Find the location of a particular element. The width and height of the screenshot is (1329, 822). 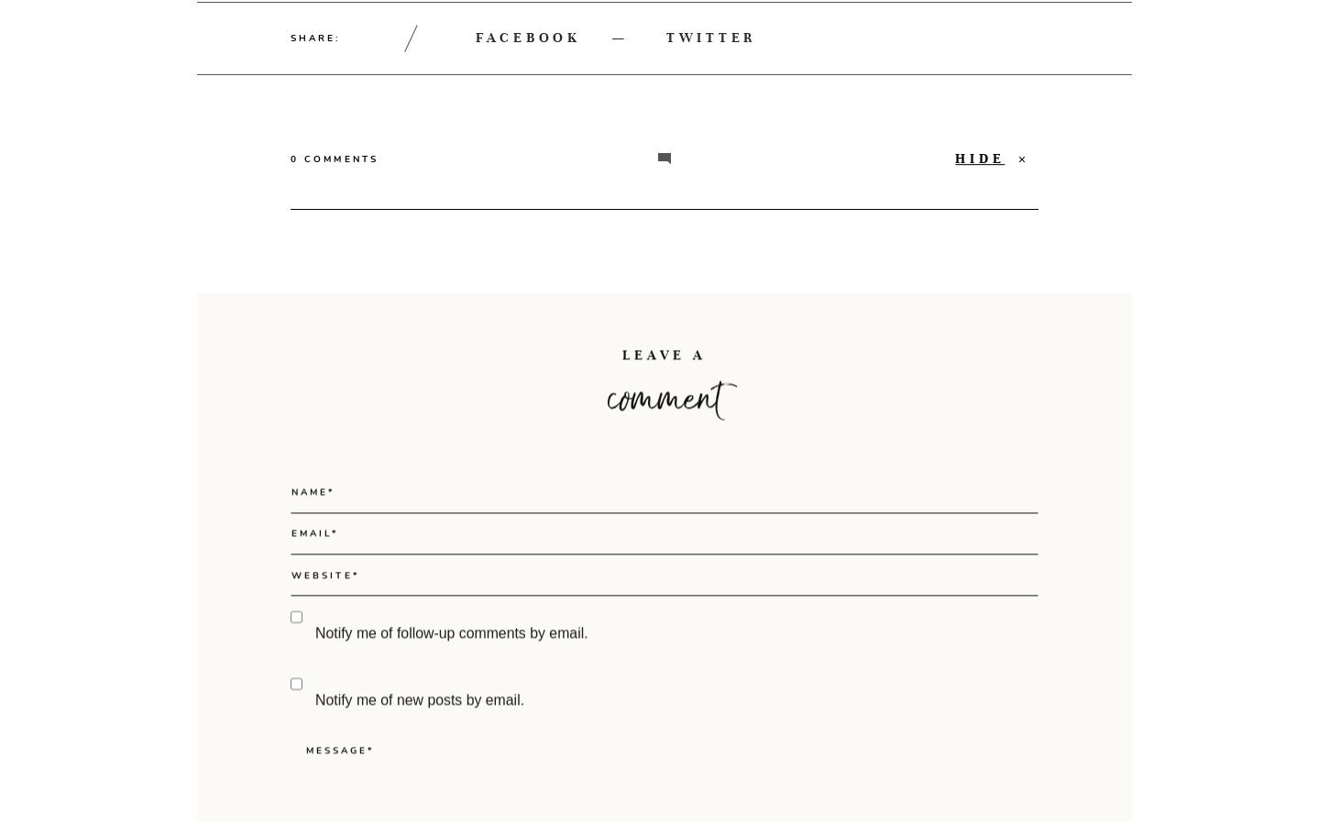

'SHARE:' is located at coordinates (314, 36).